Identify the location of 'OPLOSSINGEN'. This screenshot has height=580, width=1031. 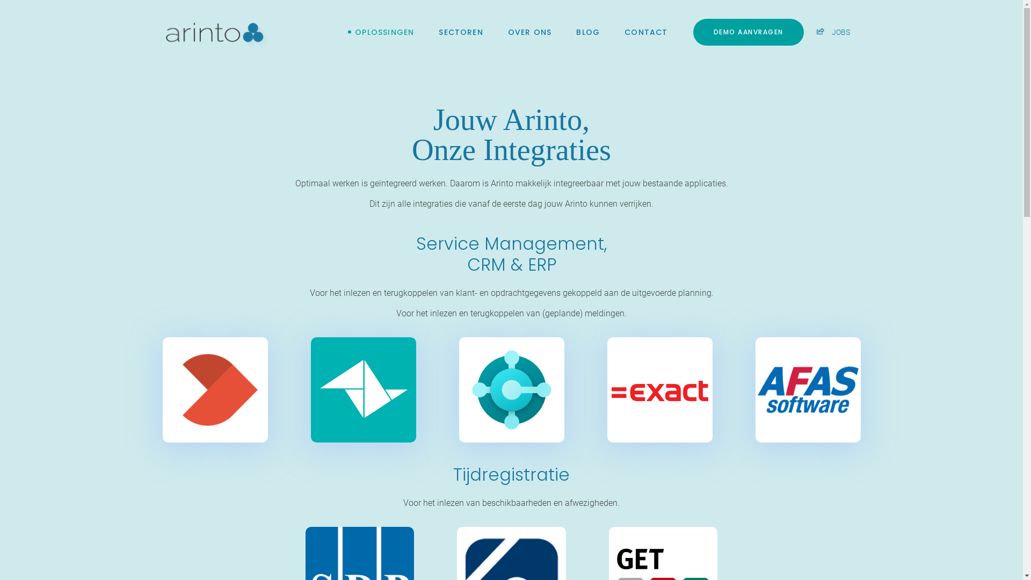
(342, 32).